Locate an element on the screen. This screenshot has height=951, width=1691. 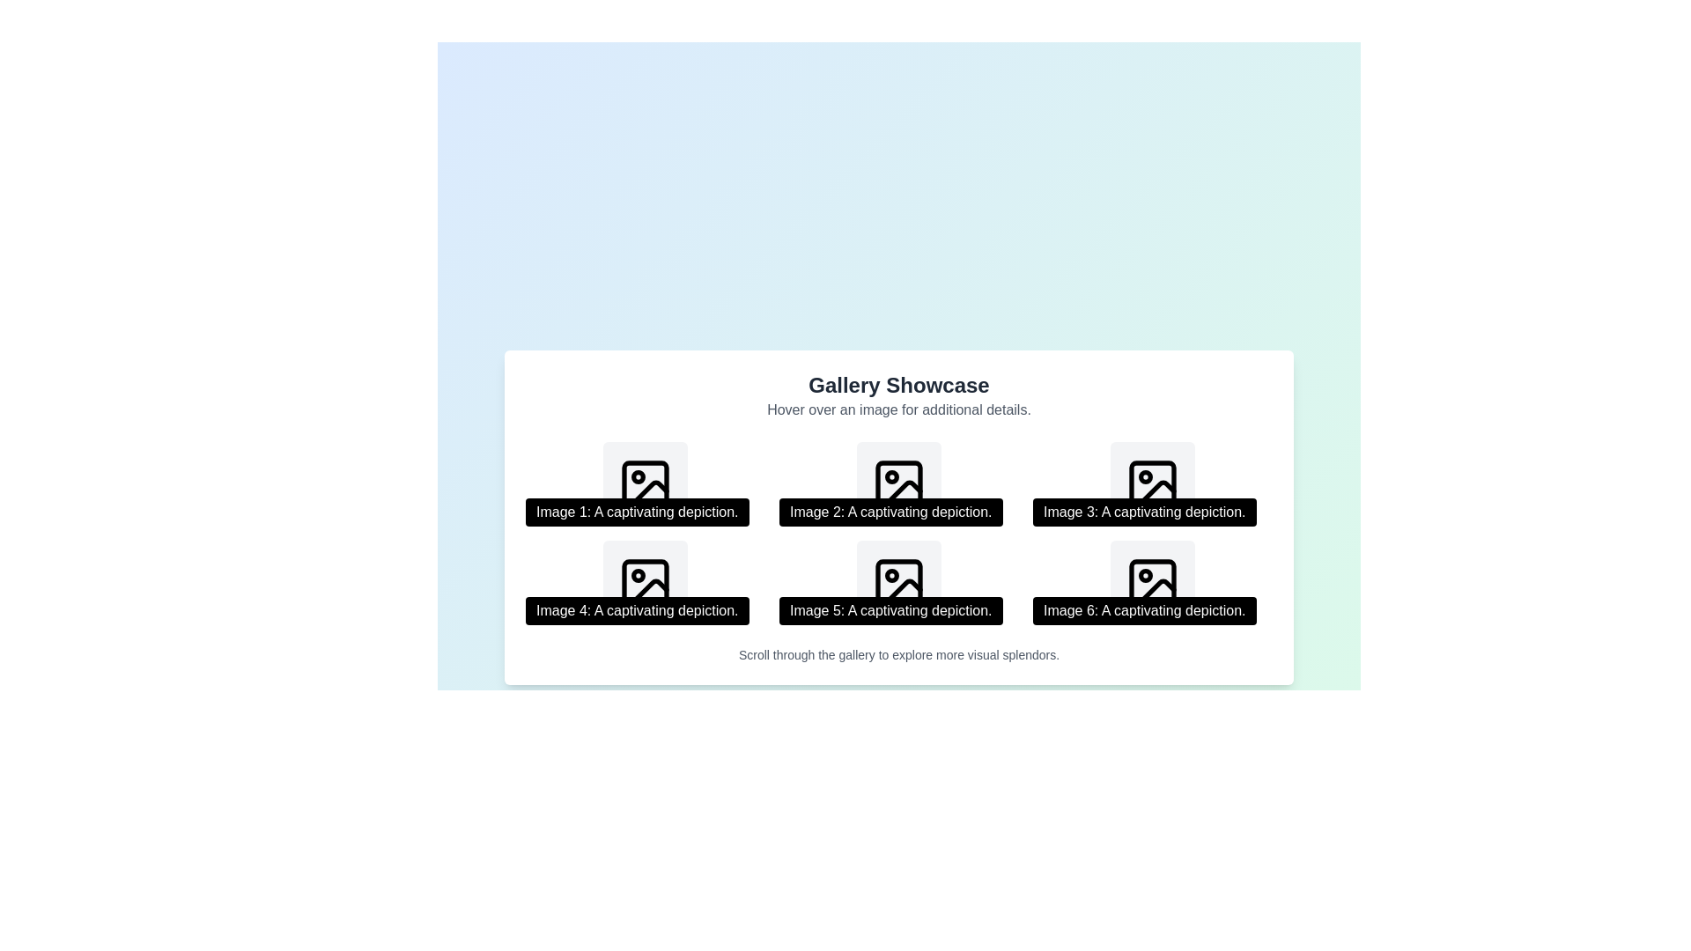
the image placeholder icon, which is styled like a picture frame and is the third item in the first row of the gallery grid is located at coordinates (1153, 484).